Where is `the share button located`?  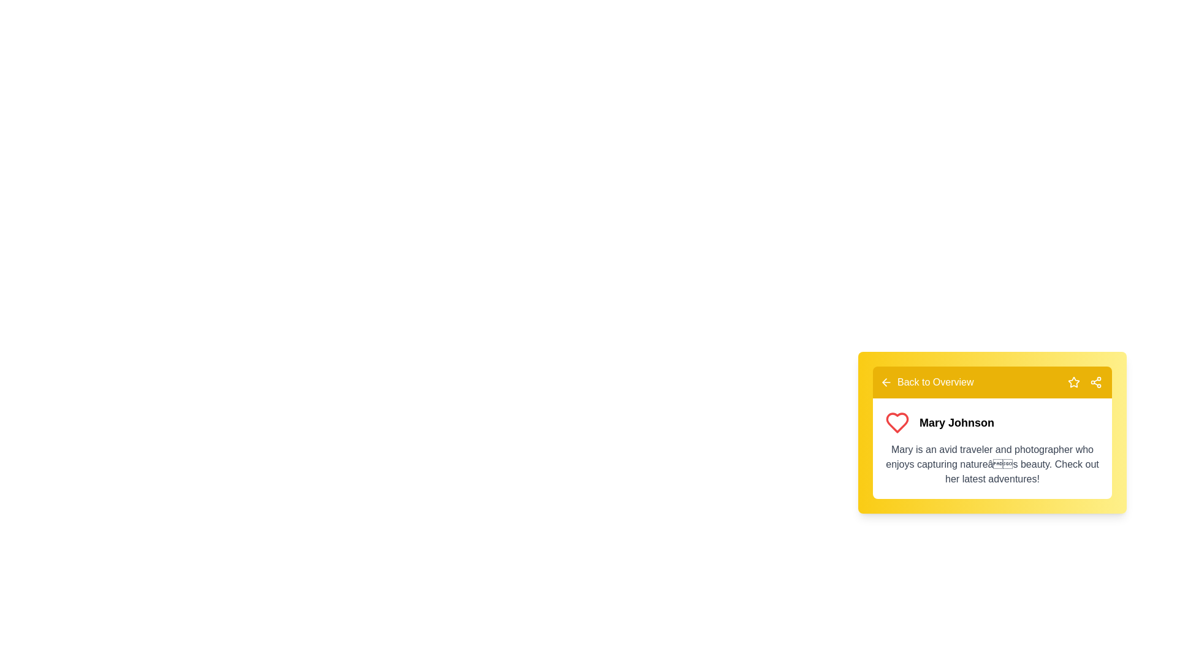 the share button located is located at coordinates (1096, 382).